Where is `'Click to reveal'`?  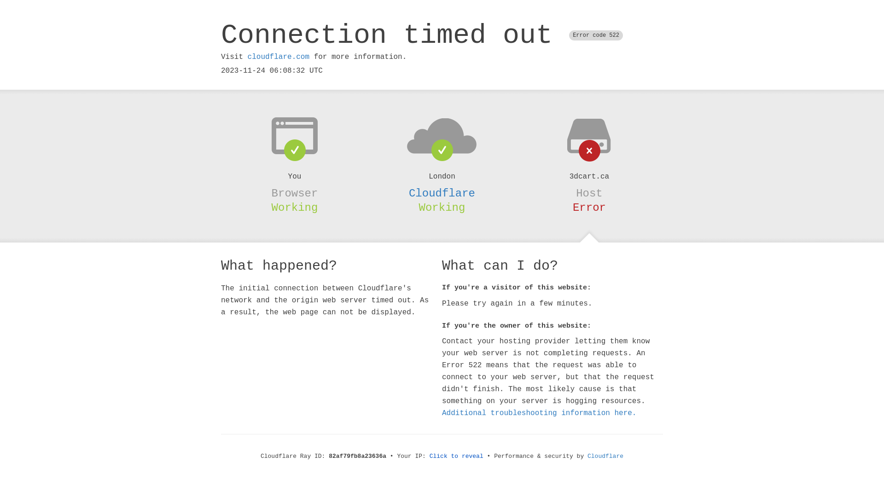 'Click to reveal' is located at coordinates (456, 456).